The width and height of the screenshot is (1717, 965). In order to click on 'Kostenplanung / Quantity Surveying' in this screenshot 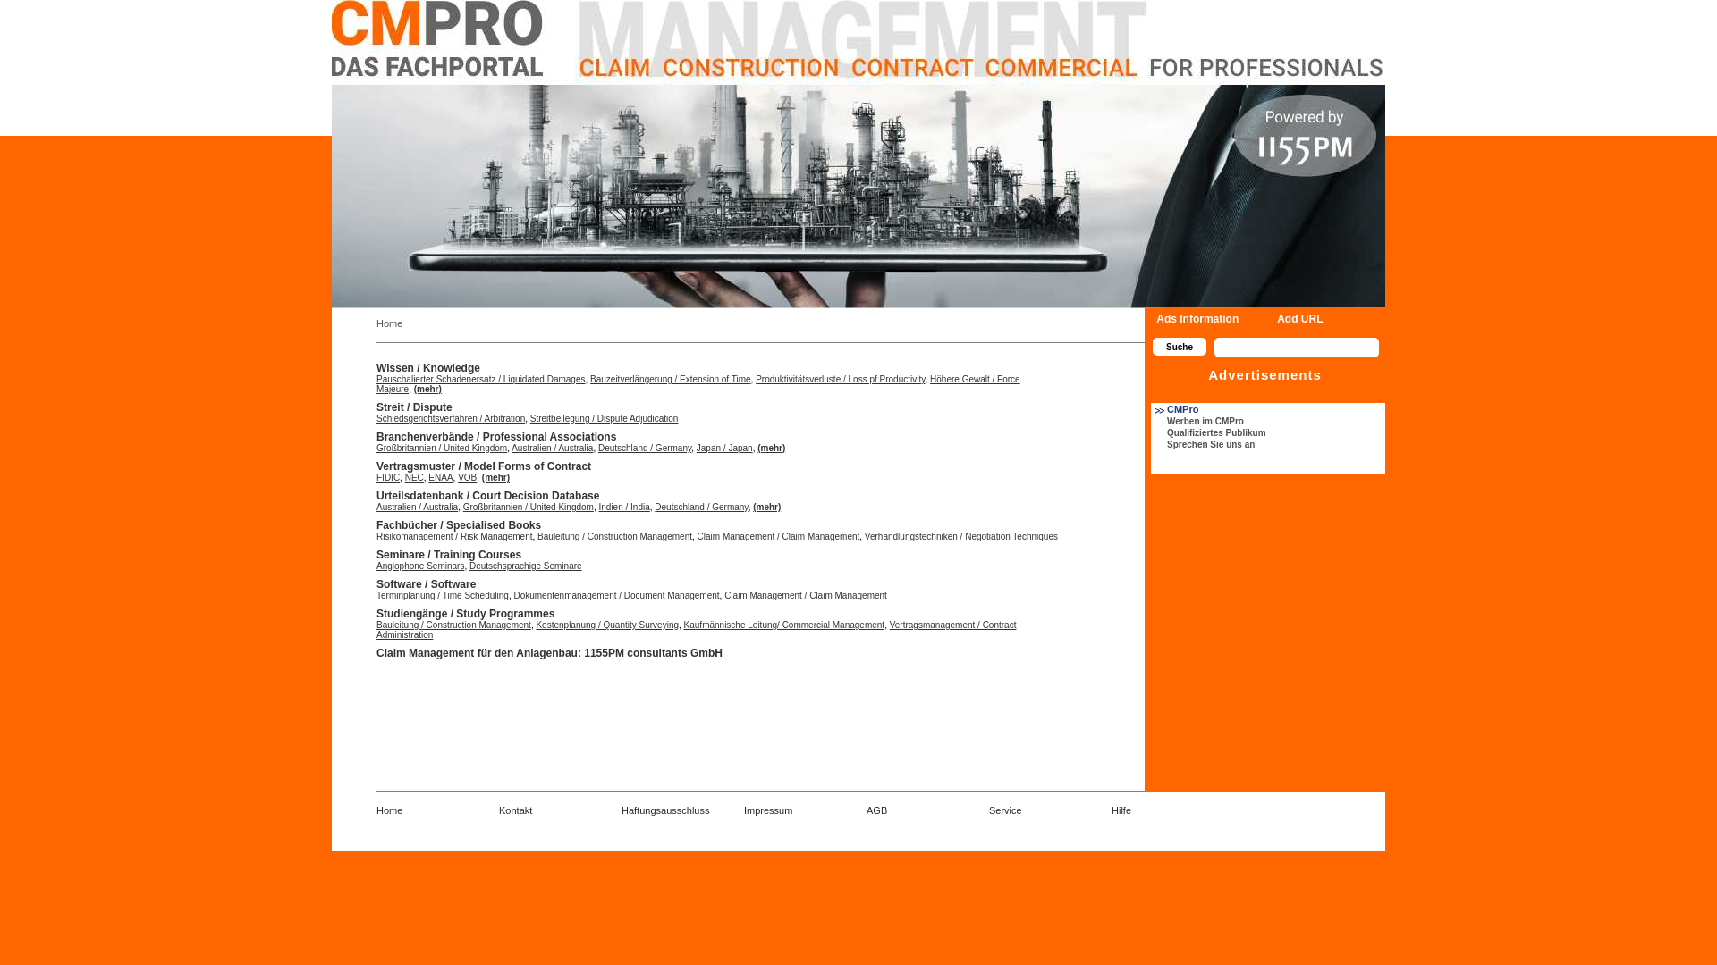, I will do `click(606, 624)`.